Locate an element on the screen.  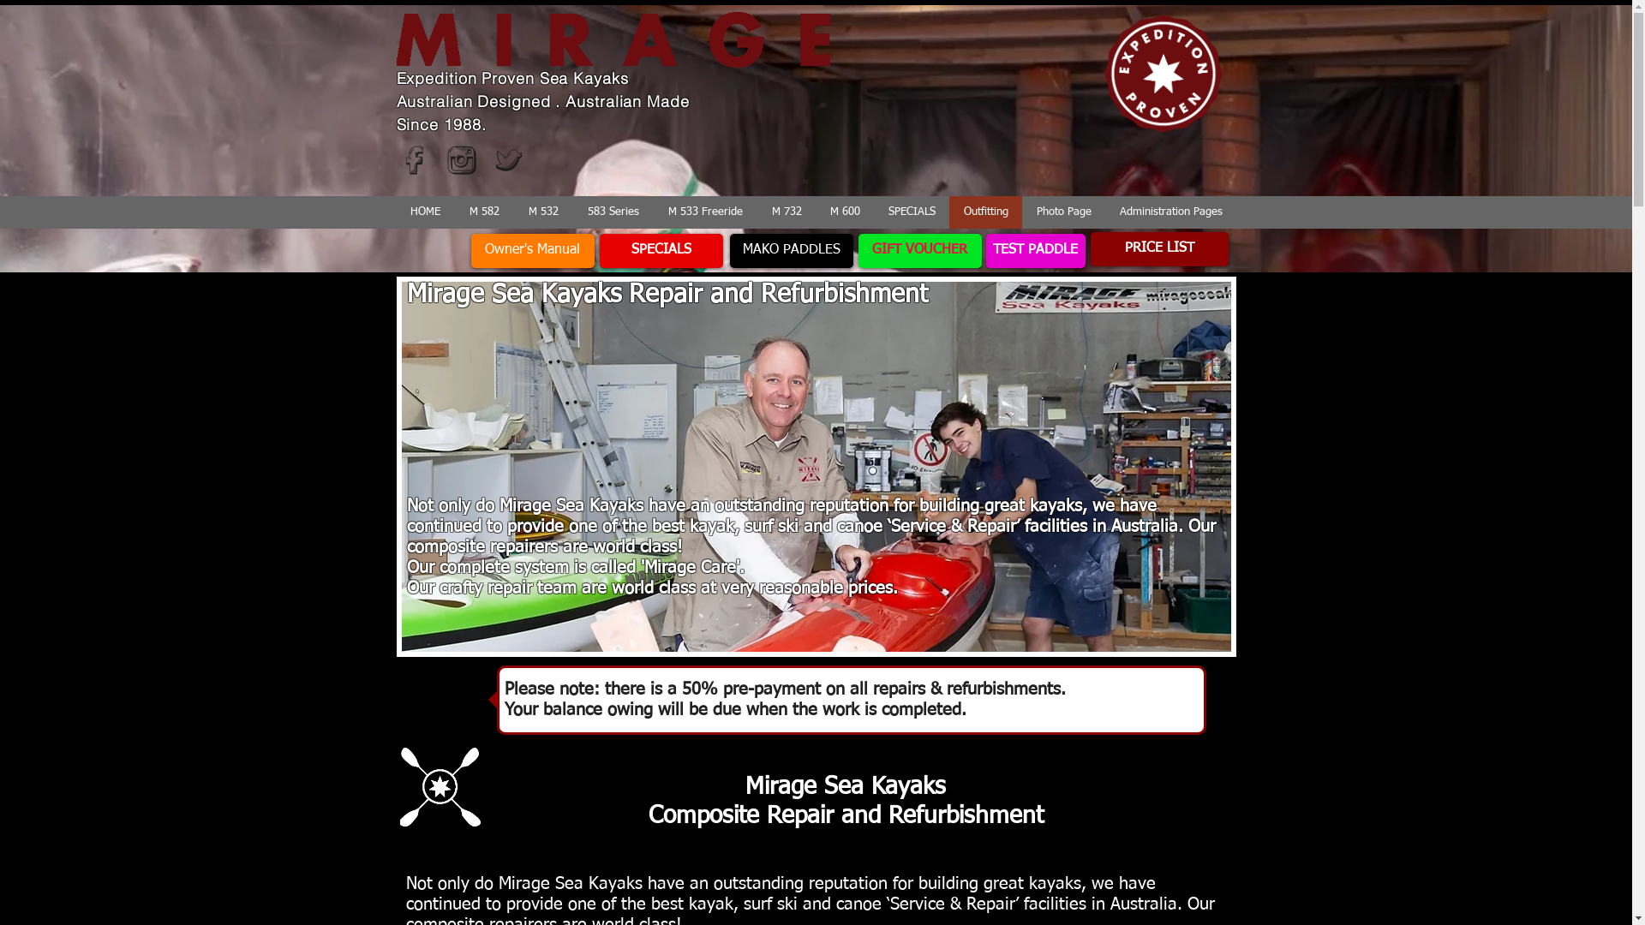
'M 533 Freeride' is located at coordinates (704, 211).